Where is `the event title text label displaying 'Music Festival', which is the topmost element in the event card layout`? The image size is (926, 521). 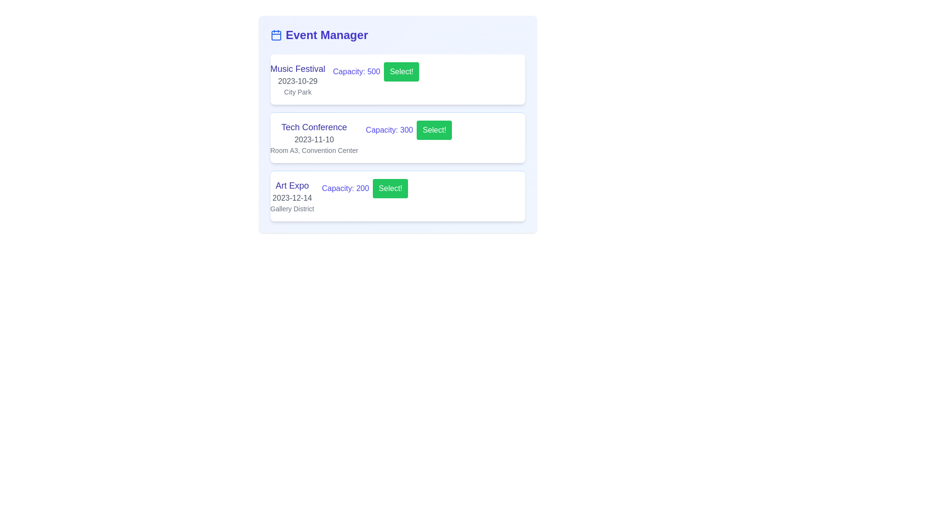
the event title text label displaying 'Music Festival', which is the topmost element in the event card layout is located at coordinates (297, 68).